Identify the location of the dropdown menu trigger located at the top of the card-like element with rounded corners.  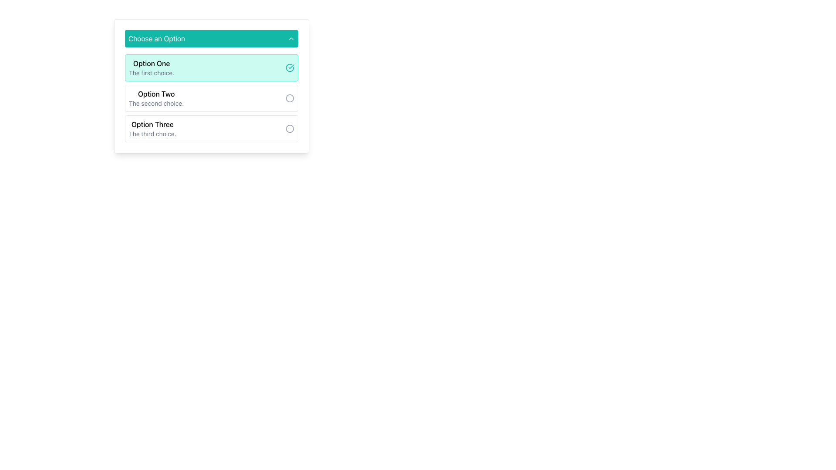
(211, 38).